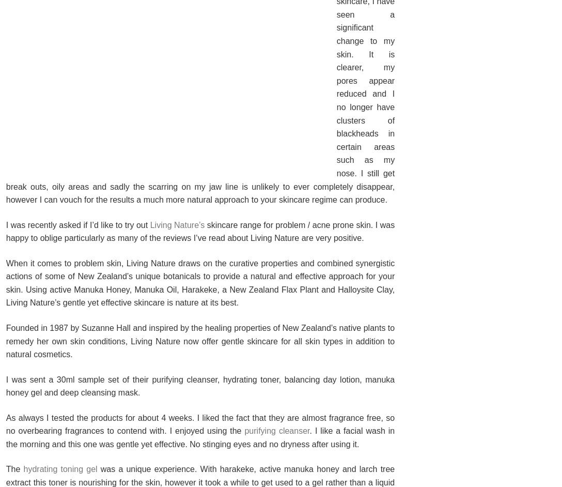  I want to click on 'The', so click(14, 468).